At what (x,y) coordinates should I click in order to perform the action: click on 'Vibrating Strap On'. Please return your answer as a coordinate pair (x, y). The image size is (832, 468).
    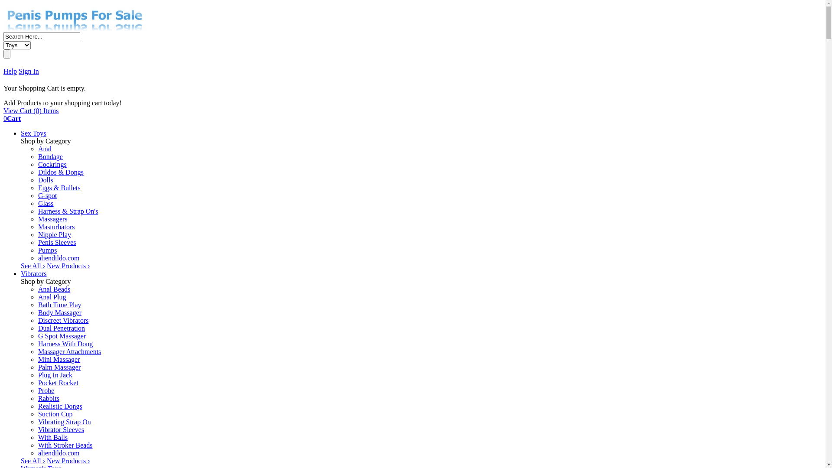
    Looking at the image, I should click on (64, 421).